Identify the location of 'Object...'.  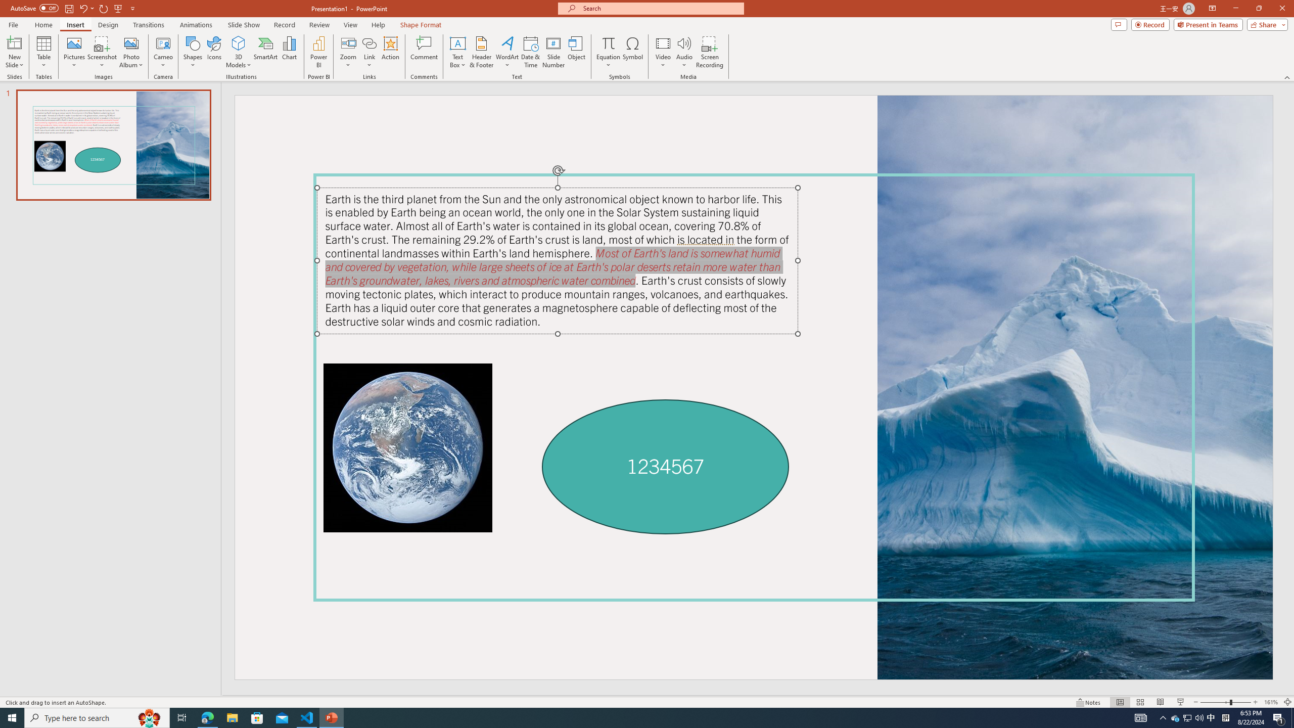
(577, 52).